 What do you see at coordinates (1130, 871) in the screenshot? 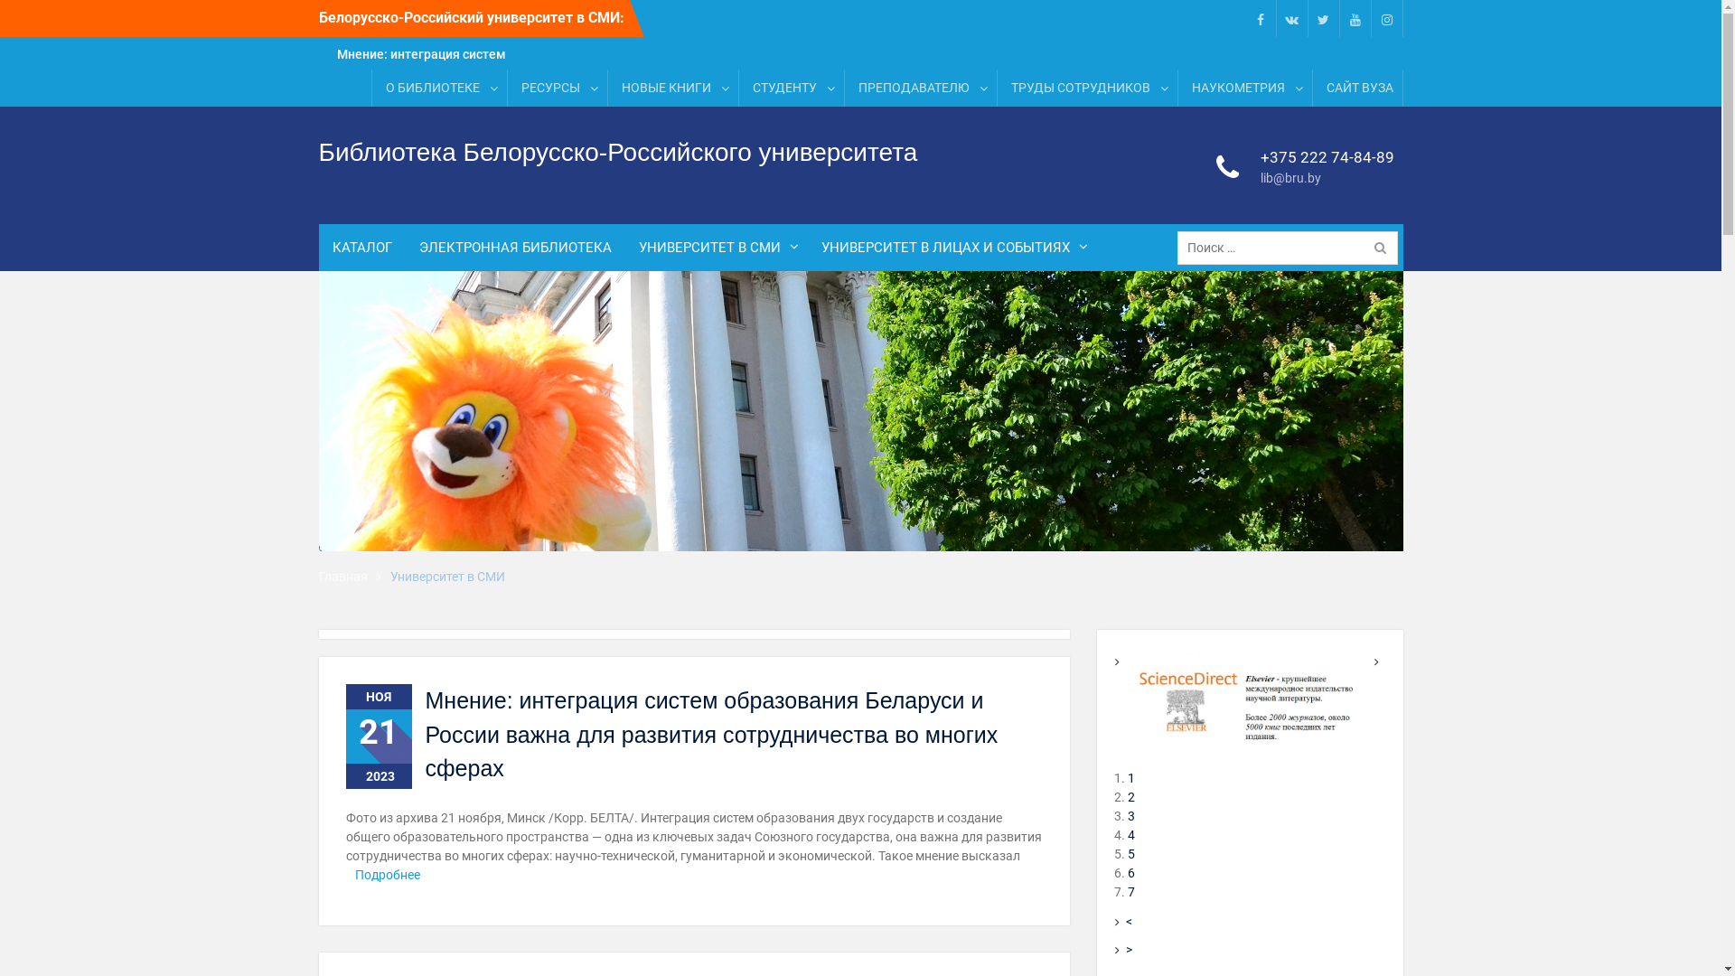
I see `'6'` at bounding box center [1130, 871].